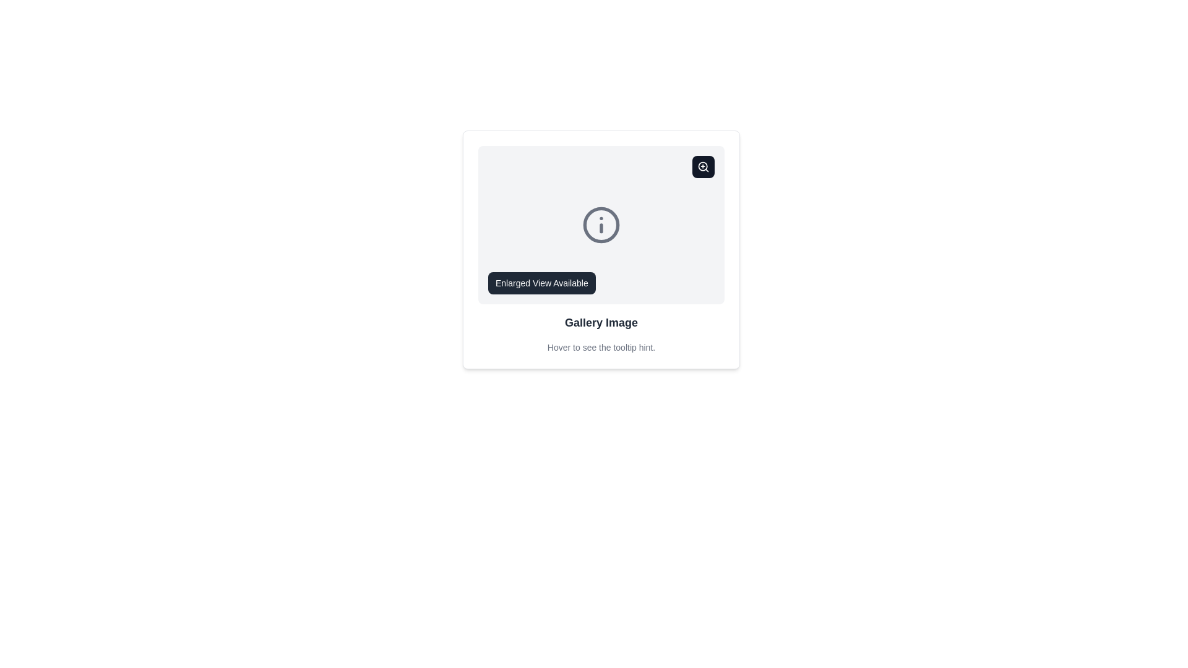 The height and width of the screenshot is (668, 1188). Describe the element at coordinates (703, 166) in the screenshot. I see `the decorative Circle element located in the top-right corner of the SVG icon within the gallery image section` at that location.